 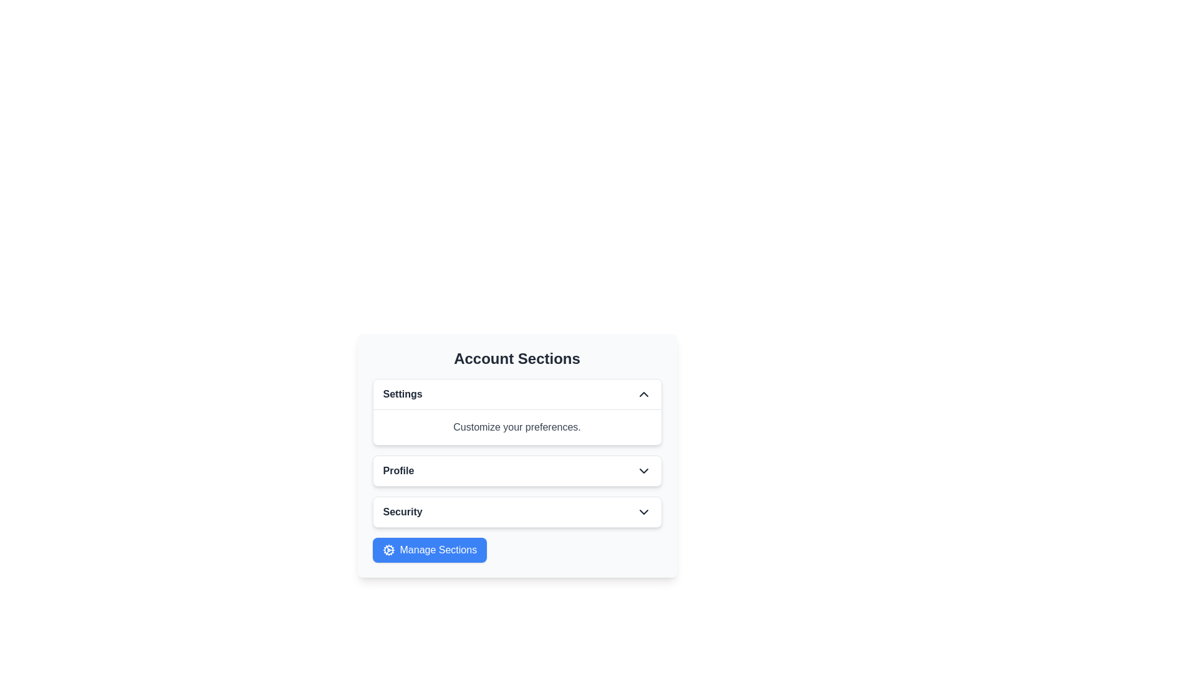 I want to click on the gear-shaped icon that is adjacent to the 'Manage Sections' button, which is located at the bottom of the 'Account Sections' panel, so click(x=388, y=550).